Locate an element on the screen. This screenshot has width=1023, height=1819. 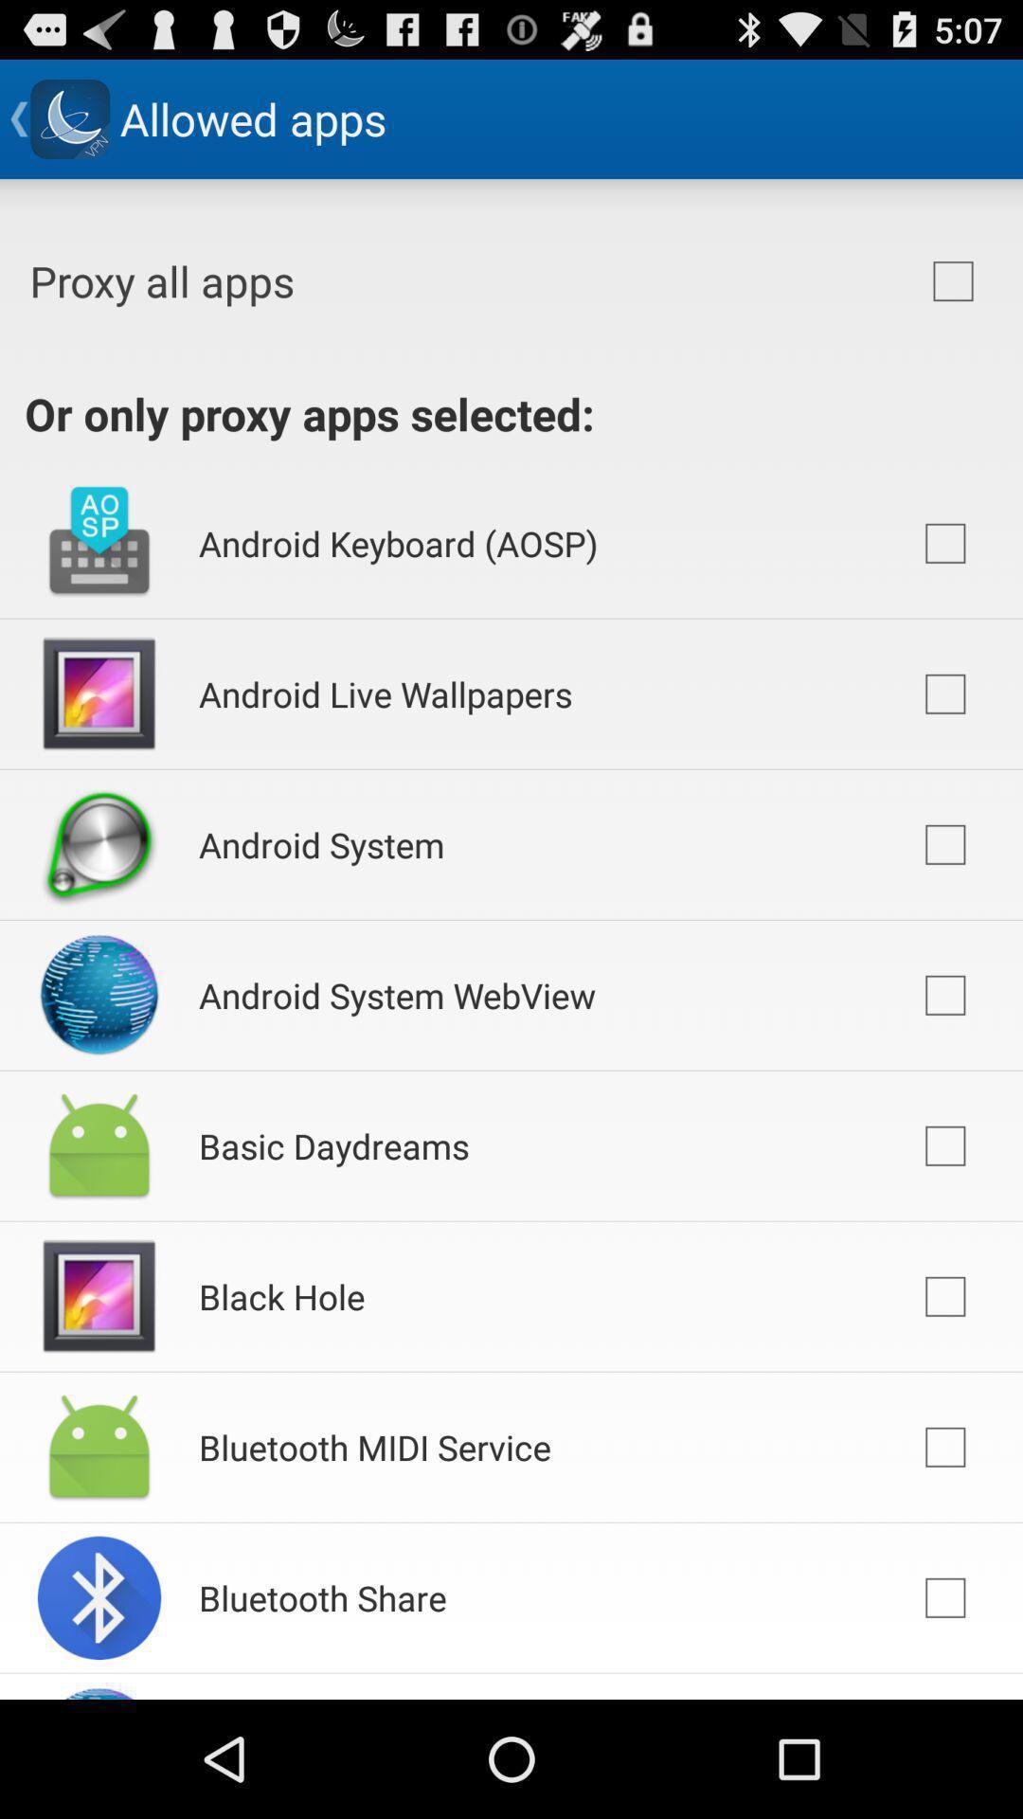
bluetooth midi service icon is located at coordinates (375, 1446).